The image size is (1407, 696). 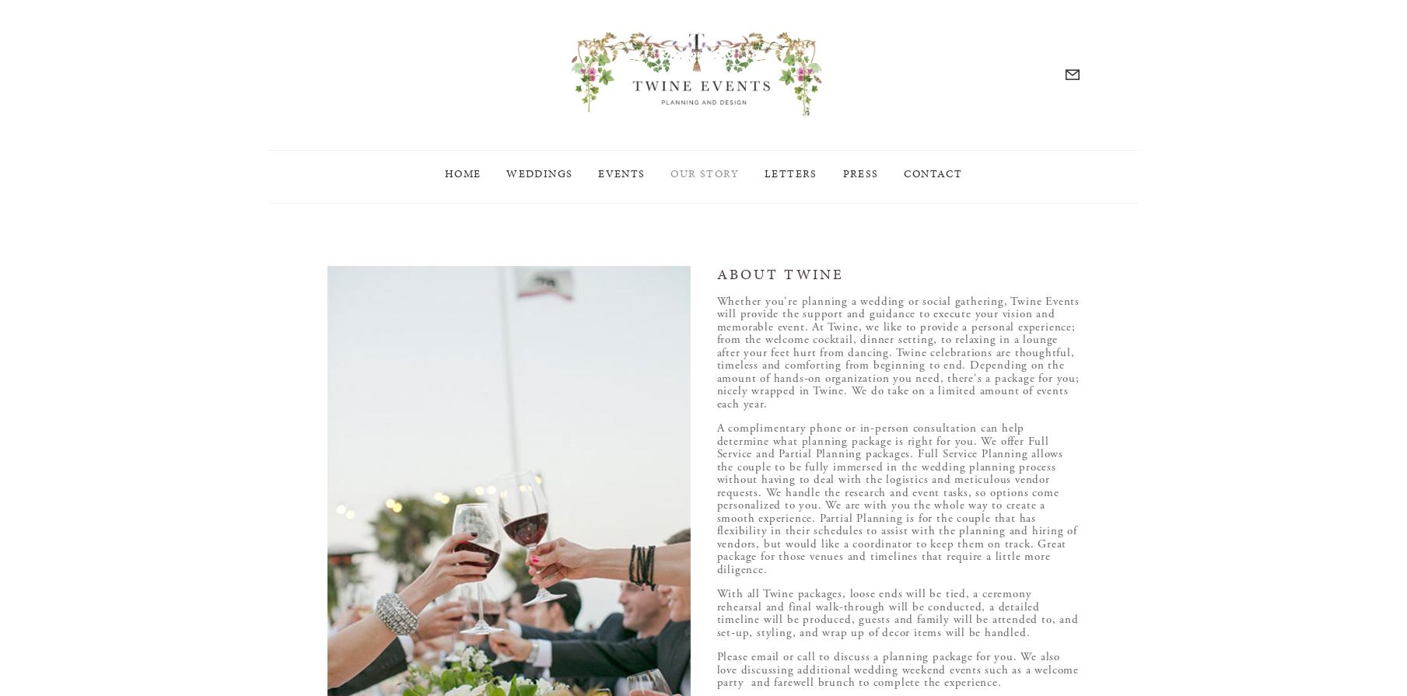 I want to click on 'About twine', so click(x=779, y=274).